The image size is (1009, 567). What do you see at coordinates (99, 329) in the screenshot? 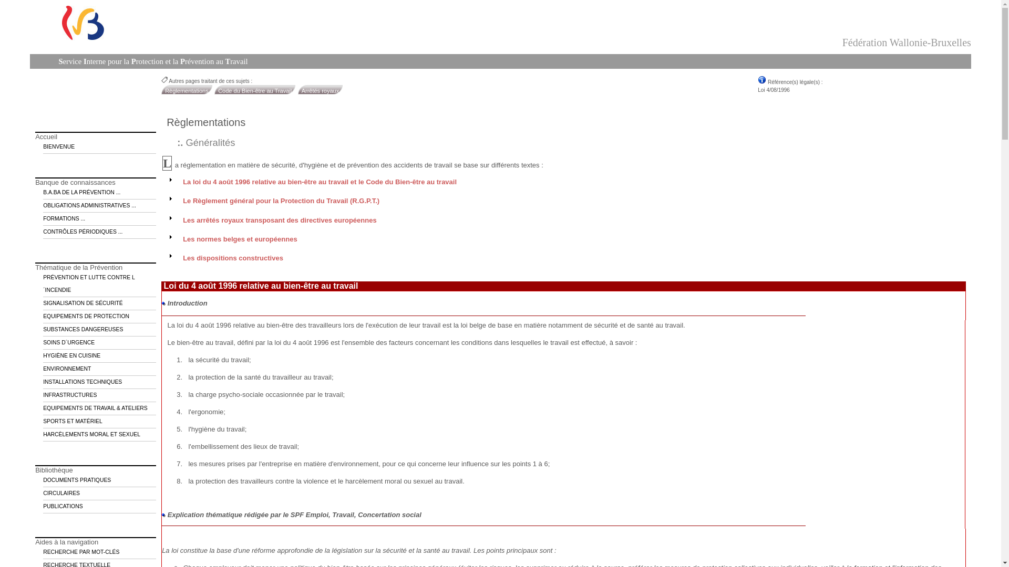
I see `'SUBSTANCES DANGEREUSES'` at bounding box center [99, 329].